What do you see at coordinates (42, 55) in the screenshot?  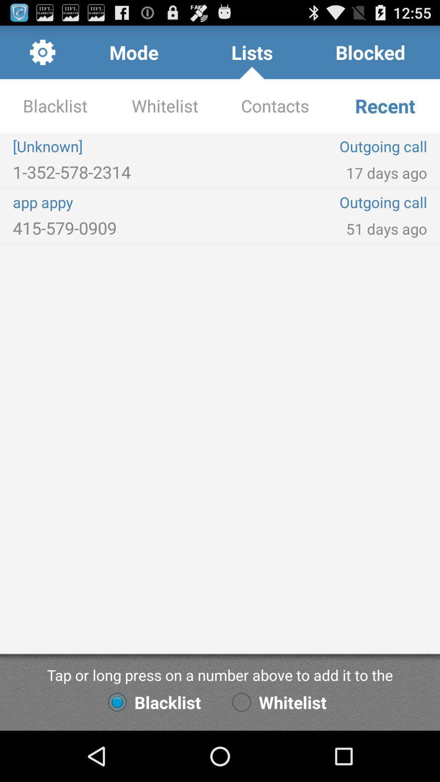 I see `the settings icon` at bounding box center [42, 55].